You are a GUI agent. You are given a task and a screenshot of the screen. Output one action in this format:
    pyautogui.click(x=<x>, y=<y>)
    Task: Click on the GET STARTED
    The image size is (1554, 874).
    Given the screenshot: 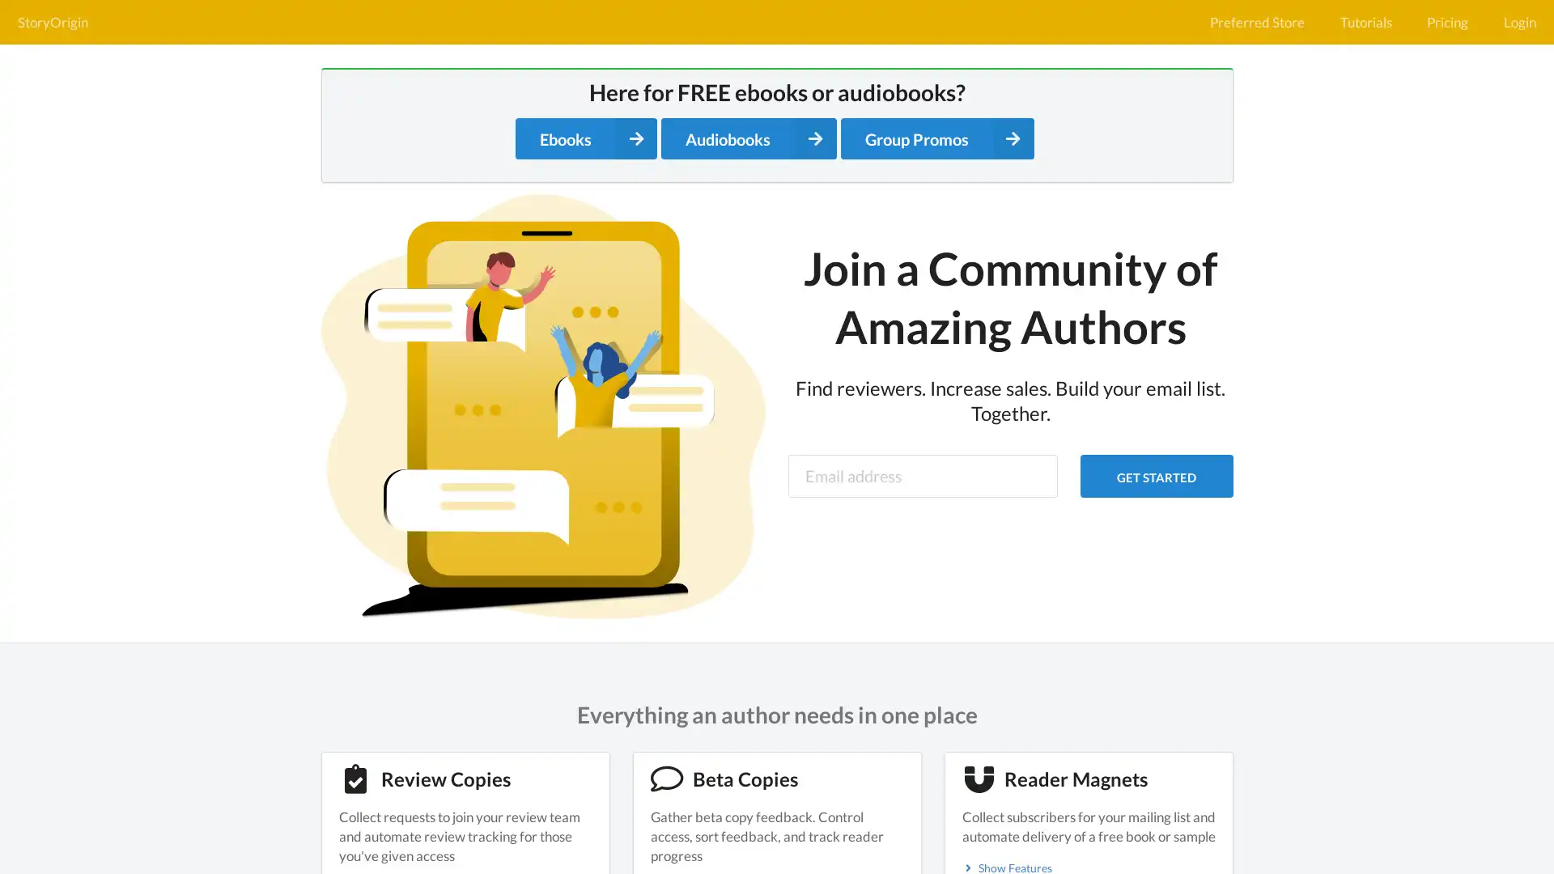 What is the action you would take?
    pyautogui.click(x=1155, y=474)
    